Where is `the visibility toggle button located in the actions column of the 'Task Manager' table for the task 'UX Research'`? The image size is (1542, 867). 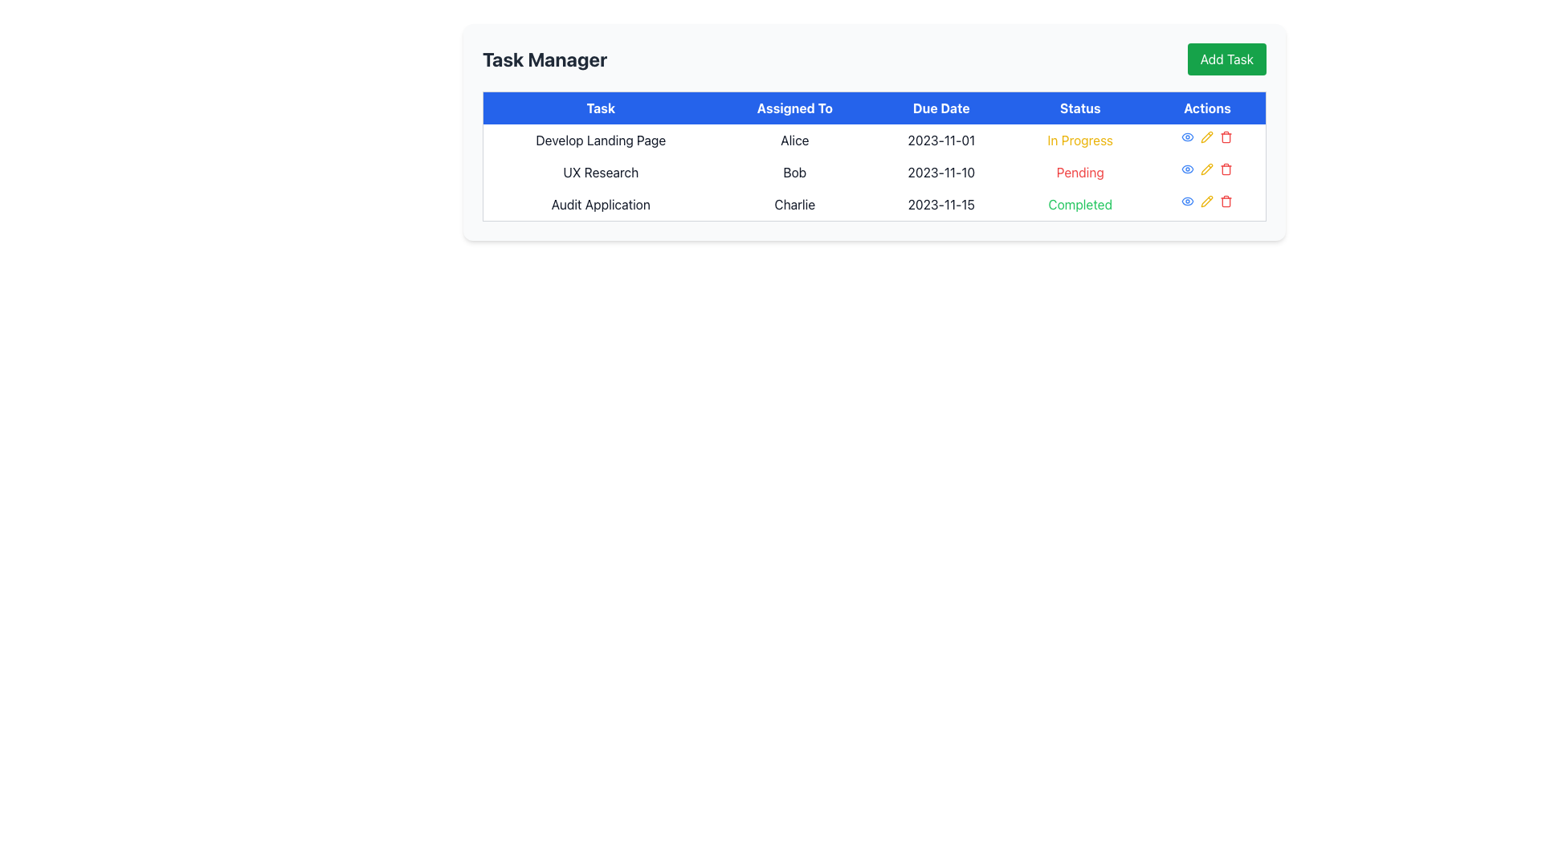 the visibility toggle button located in the actions column of the 'Task Manager' table for the task 'UX Research' is located at coordinates (1188, 200).